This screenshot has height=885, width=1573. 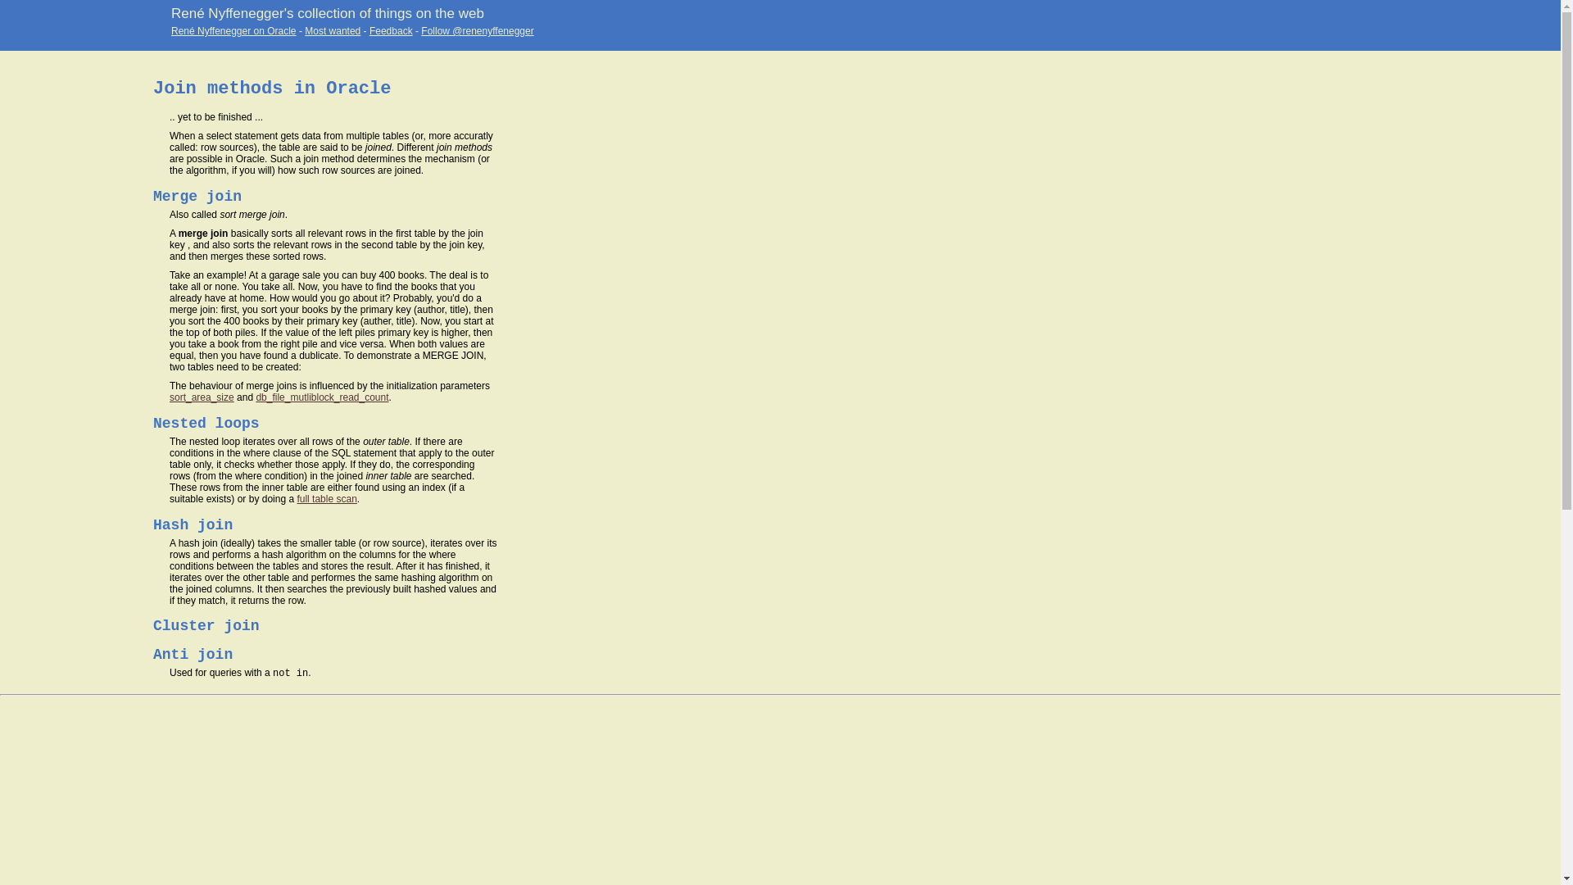 I want to click on 'full table scan', so click(x=326, y=498).